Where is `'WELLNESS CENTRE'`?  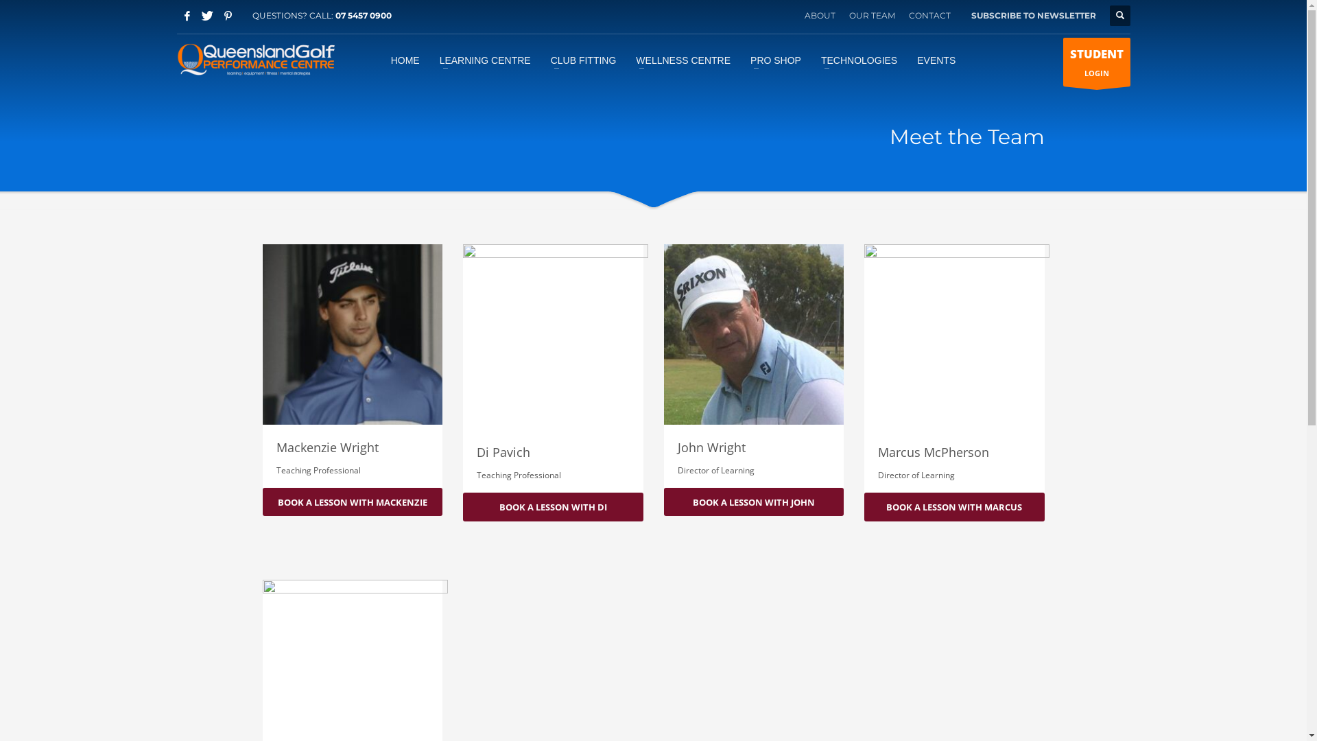
'WELLNESS CENTRE' is located at coordinates (683, 59).